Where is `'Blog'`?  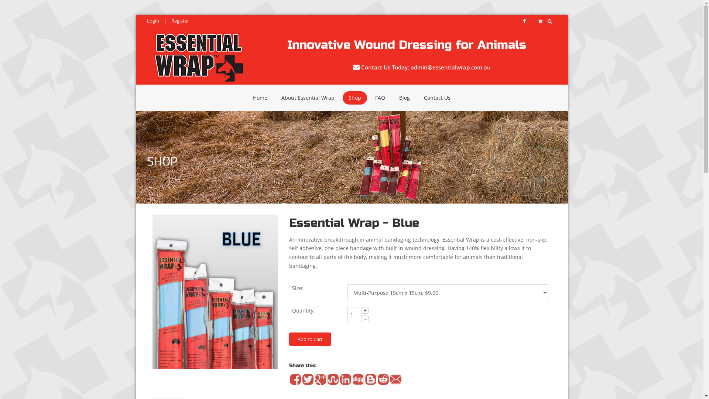
'Blog' is located at coordinates (393, 98).